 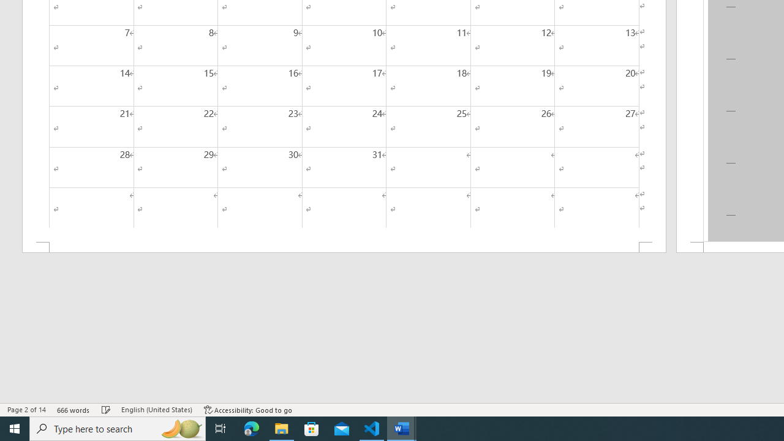 I want to click on 'Type here to search', so click(x=118, y=428).